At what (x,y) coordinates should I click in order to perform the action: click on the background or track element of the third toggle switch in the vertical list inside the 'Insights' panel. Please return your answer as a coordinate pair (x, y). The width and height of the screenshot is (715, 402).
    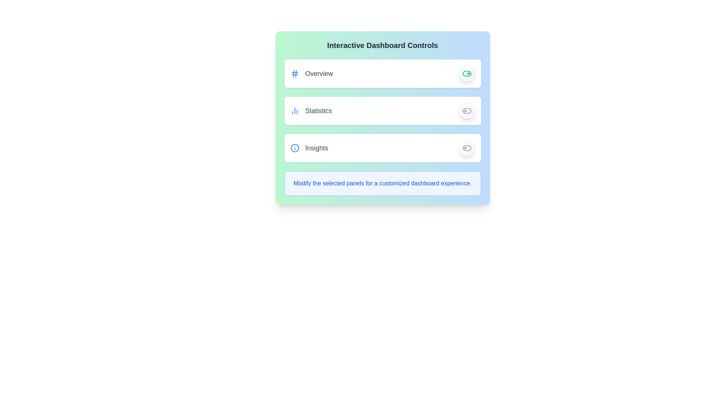
    Looking at the image, I should click on (466, 148).